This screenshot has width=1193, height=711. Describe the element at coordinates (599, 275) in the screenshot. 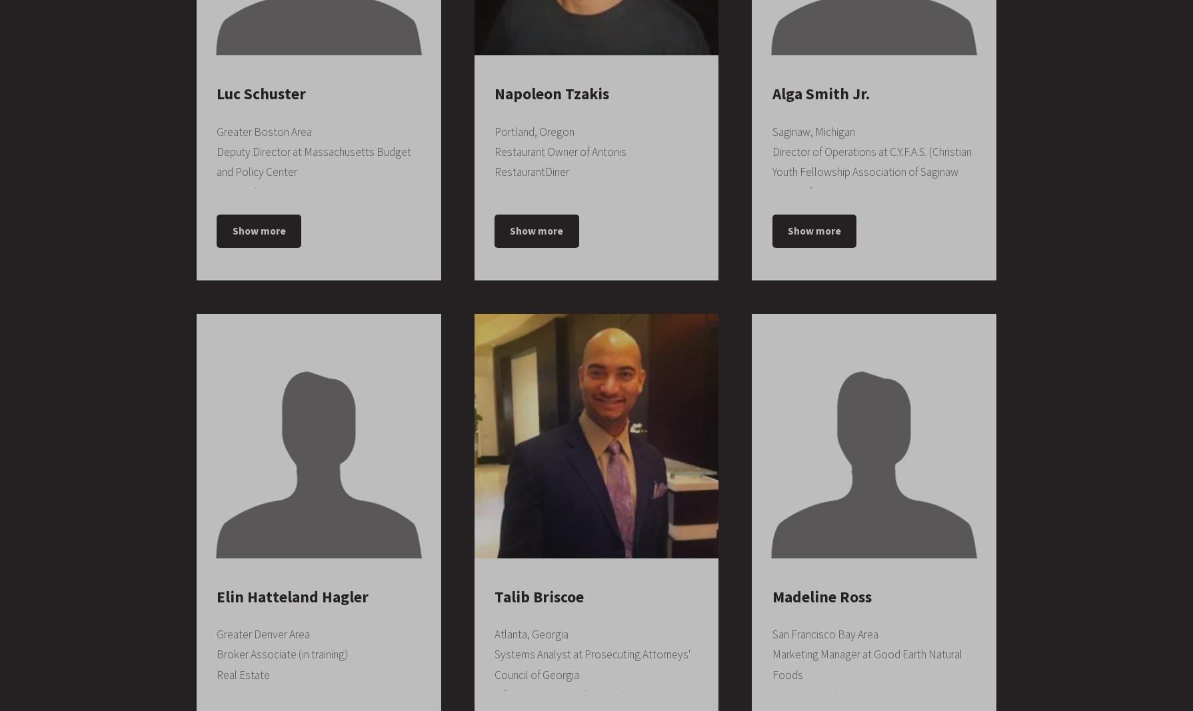

I see `'June 2011 – August 2011'` at that location.